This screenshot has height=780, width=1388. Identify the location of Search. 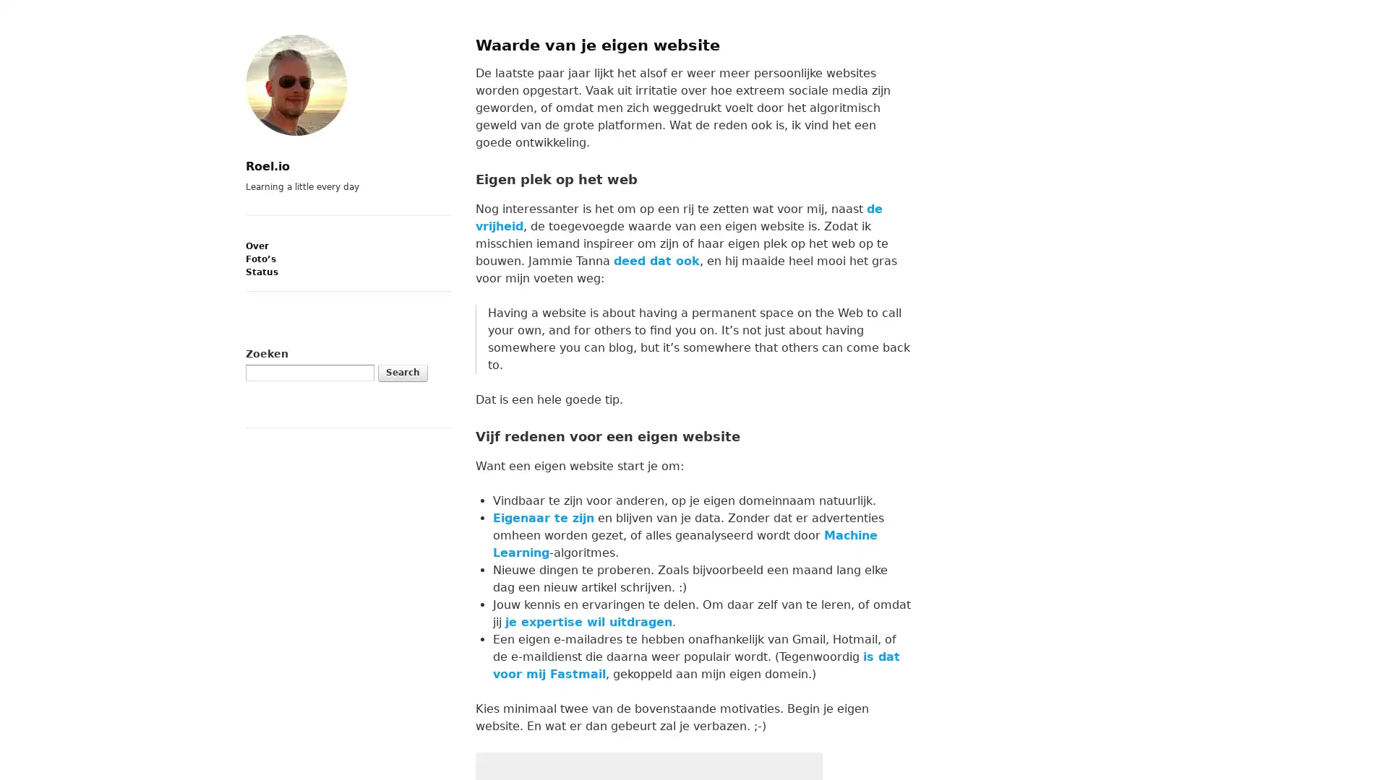
(403, 366).